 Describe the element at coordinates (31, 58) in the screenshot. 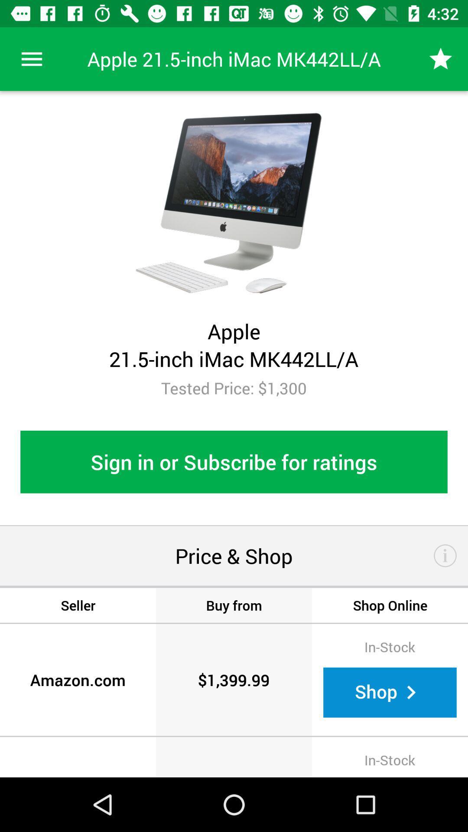

I see `icon at the top left corner` at that location.